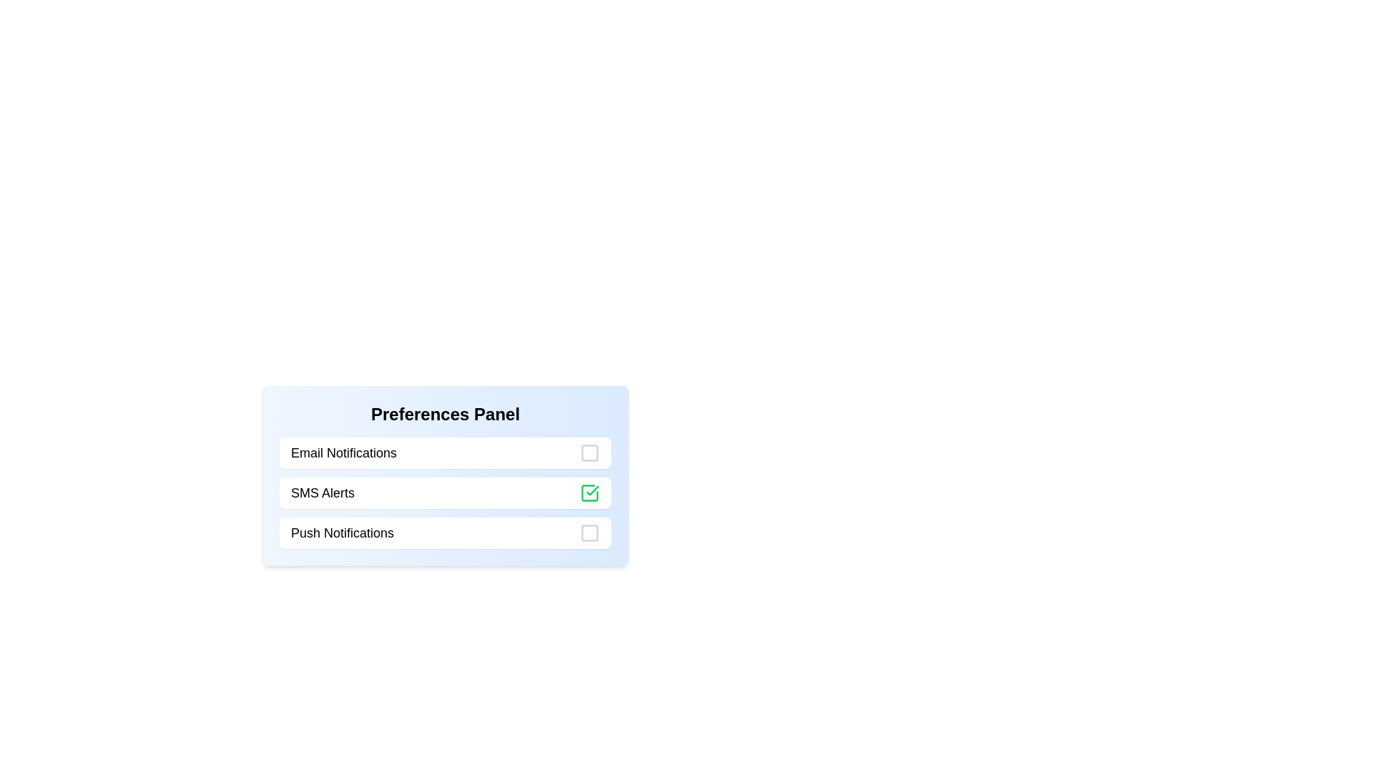 The image size is (1373, 772). I want to click on the checkbox next to the 'SMS Alerts' list item in the Preferences Panel, so click(445, 493).